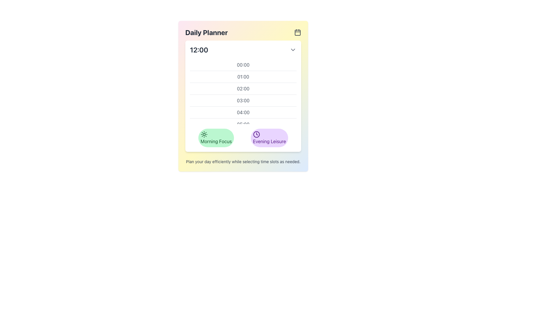  What do you see at coordinates (243, 100) in the screenshot?
I see `the '03:00' time slot option in the dropdown list for time selection, which is located directly below '02:00' and above '04:00'` at bounding box center [243, 100].